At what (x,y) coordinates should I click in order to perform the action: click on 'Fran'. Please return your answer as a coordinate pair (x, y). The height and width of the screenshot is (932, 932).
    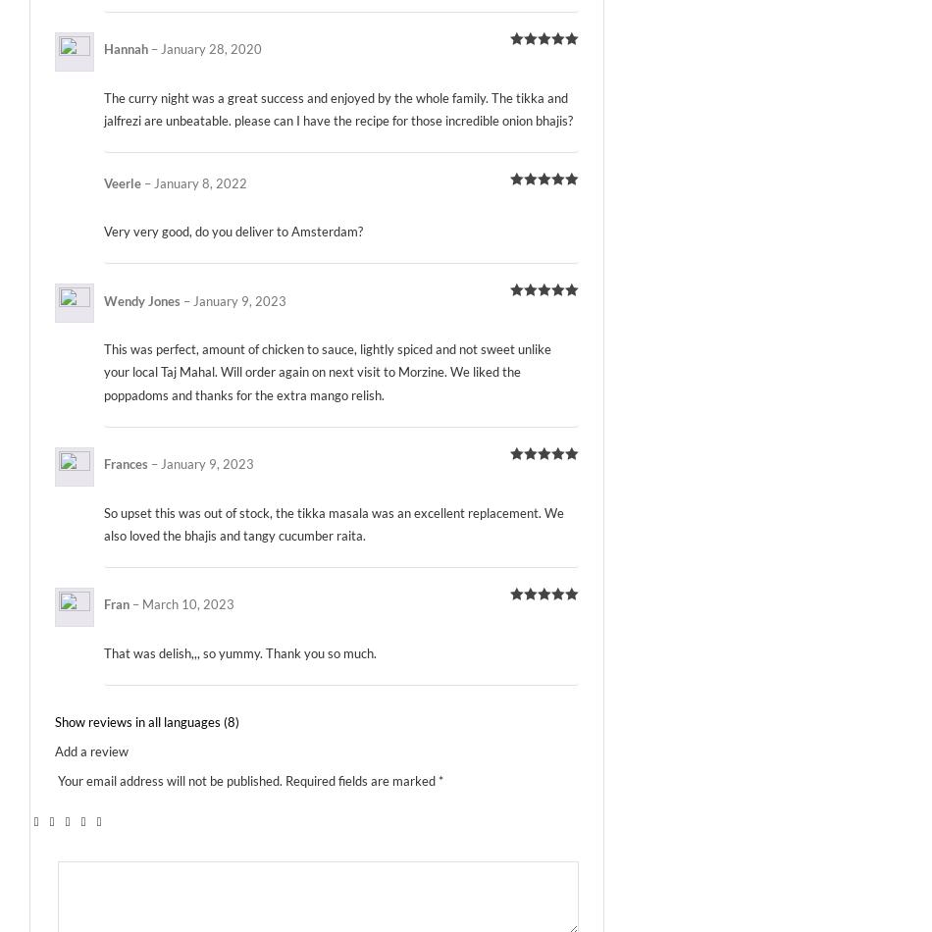
    Looking at the image, I should click on (104, 603).